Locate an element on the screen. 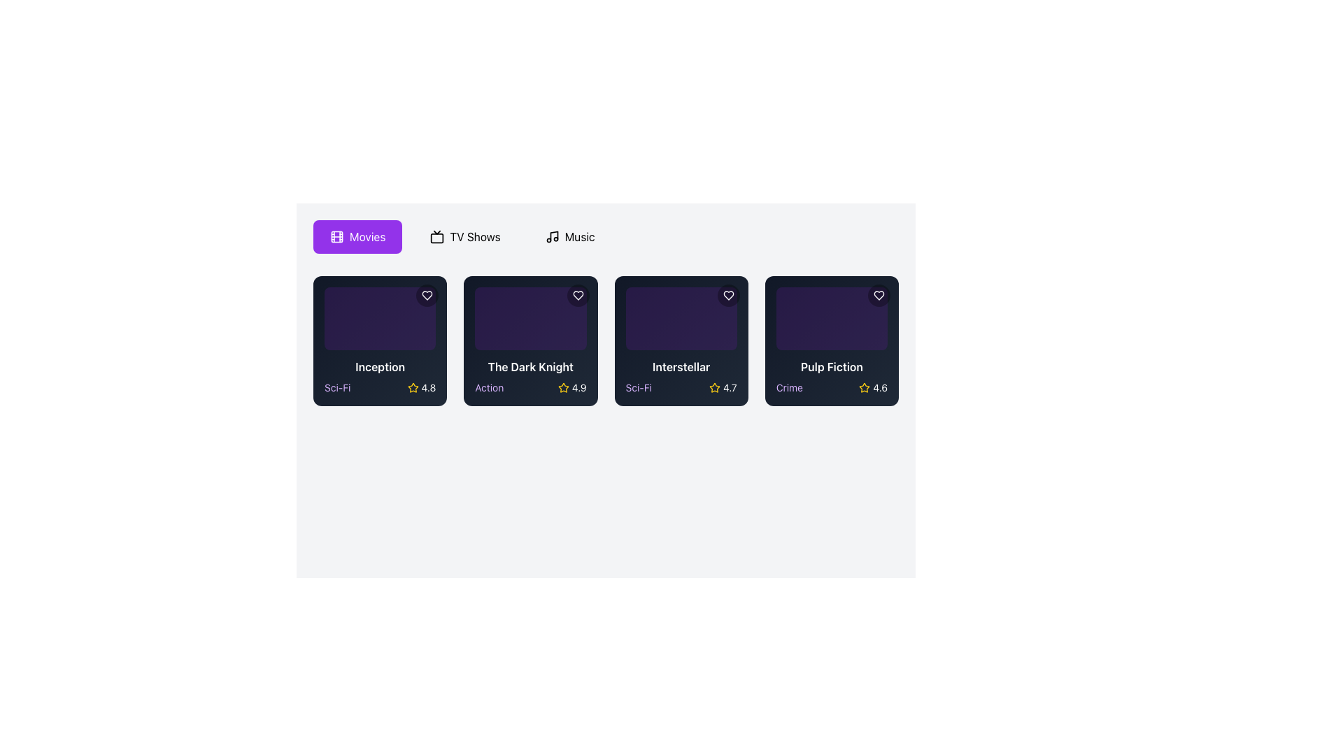 The height and width of the screenshot is (755, 1343). the 'Action' genre label located below the title 'The Dark Knight' and above the rating '4.9' is located at coordinates (489, 387).